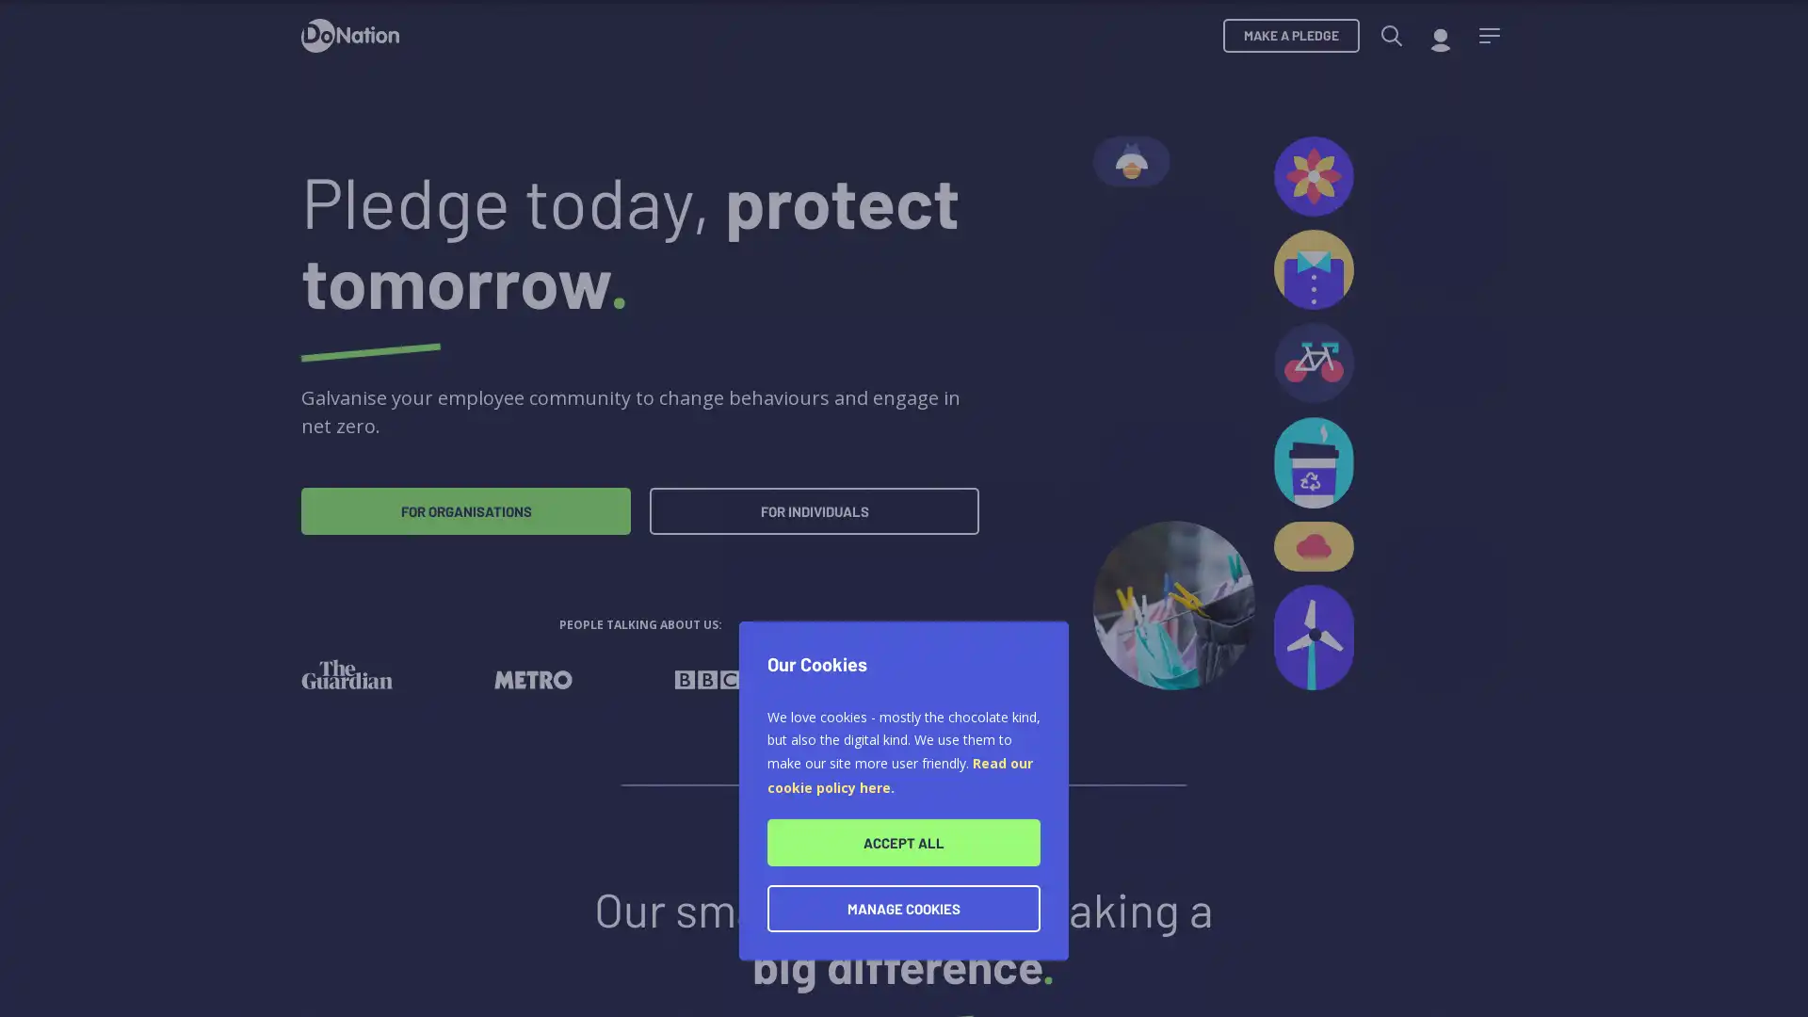  I want to click on MAKE A PLEDGE, so click(1290, 36).